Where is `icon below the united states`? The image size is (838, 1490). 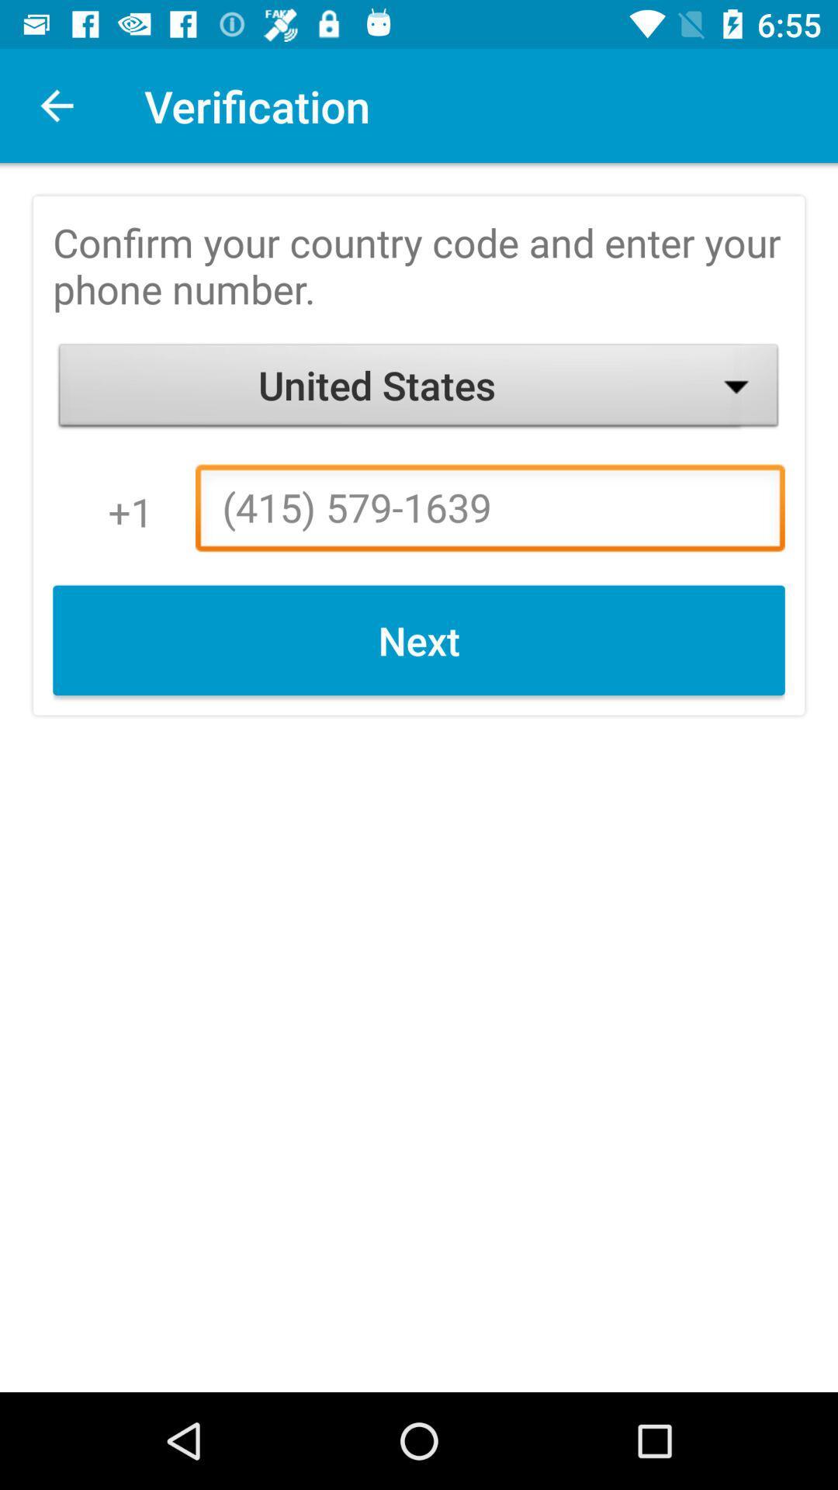
icon below the united states is located at coordinates (490, 512).